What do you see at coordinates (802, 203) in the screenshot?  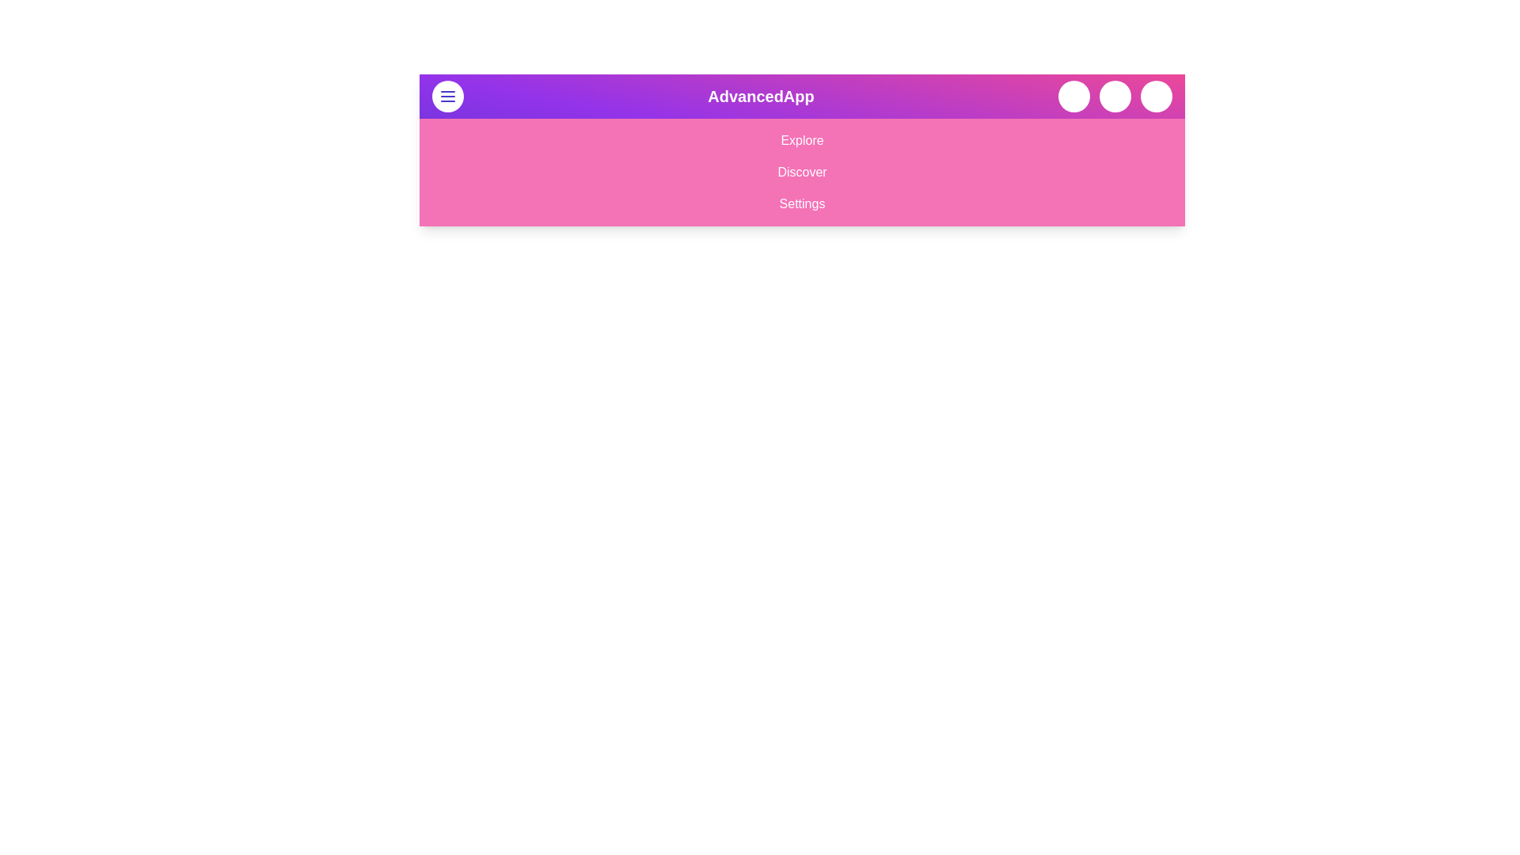 I see `the menu option Settings` at bounding box center [802, 203].